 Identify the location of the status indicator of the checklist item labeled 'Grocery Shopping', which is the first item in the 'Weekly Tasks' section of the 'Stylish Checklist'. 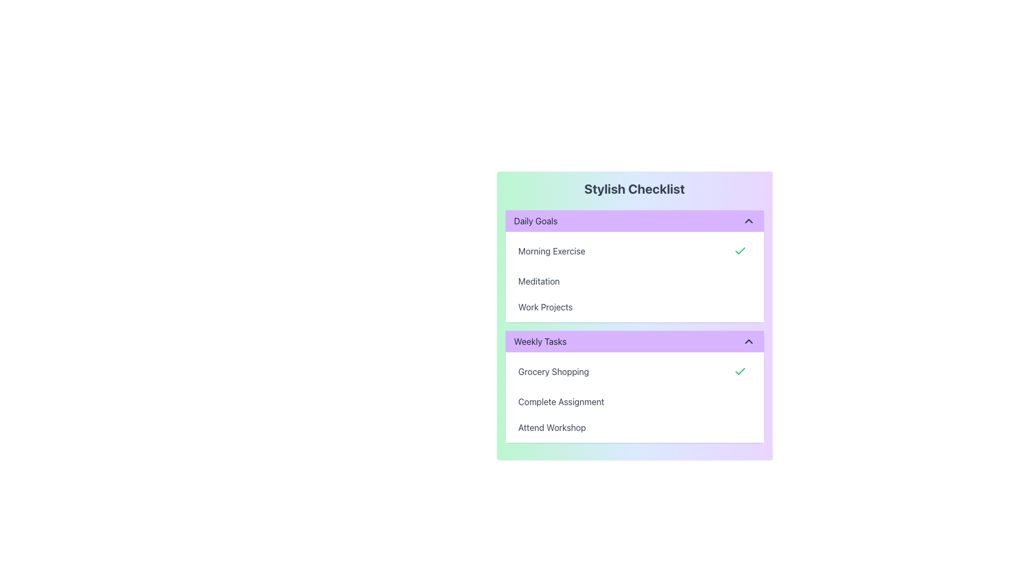
(634, 371).